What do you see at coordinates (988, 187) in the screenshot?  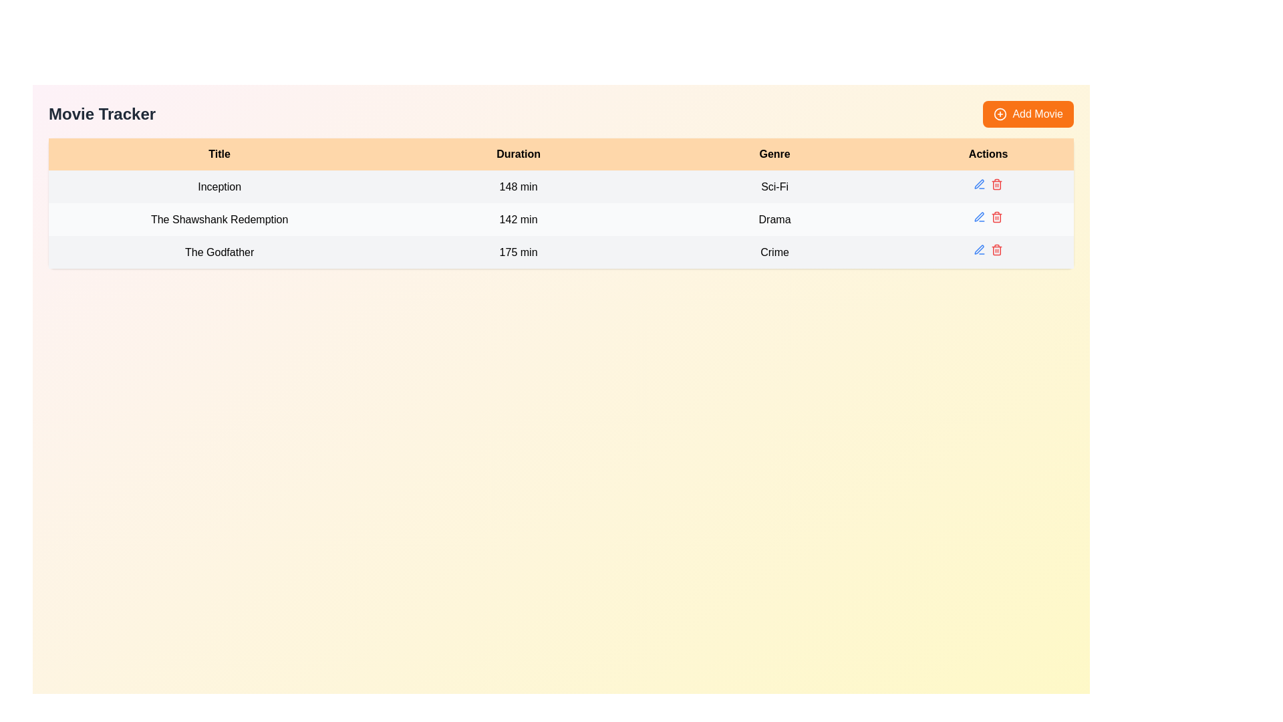 I see `the interactive icons in the 'Actions' column of the 'Inception' row in the table` at bounding box center [988, 187].